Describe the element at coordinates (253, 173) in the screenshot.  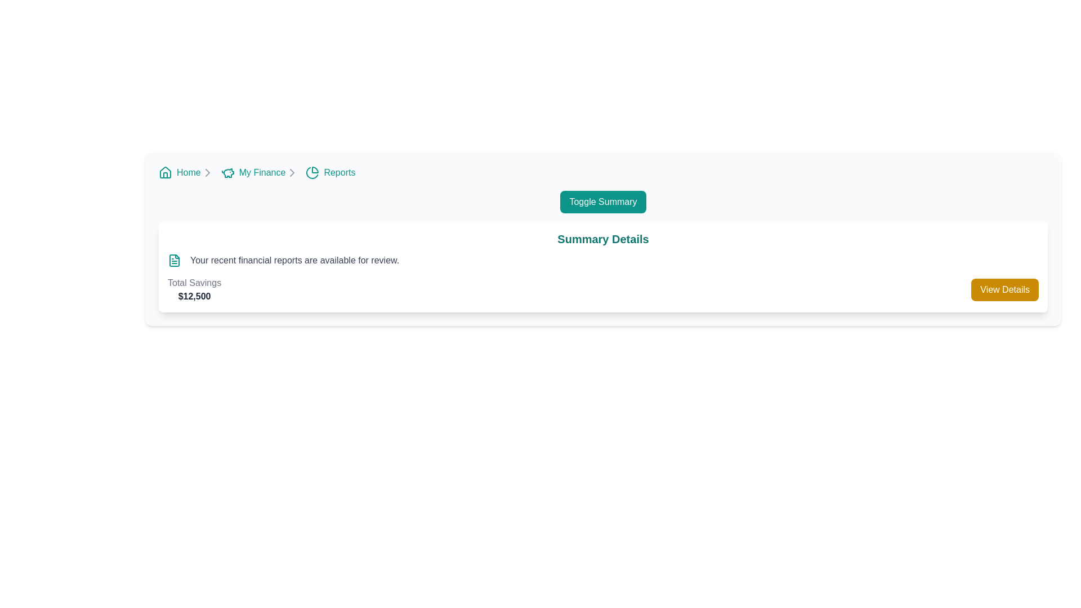
I see `the hyperlink with a piggy bank icon located between the 'Home' and 'Reports' links in the breadcrumb navigation to visit the Finance section` at that location.